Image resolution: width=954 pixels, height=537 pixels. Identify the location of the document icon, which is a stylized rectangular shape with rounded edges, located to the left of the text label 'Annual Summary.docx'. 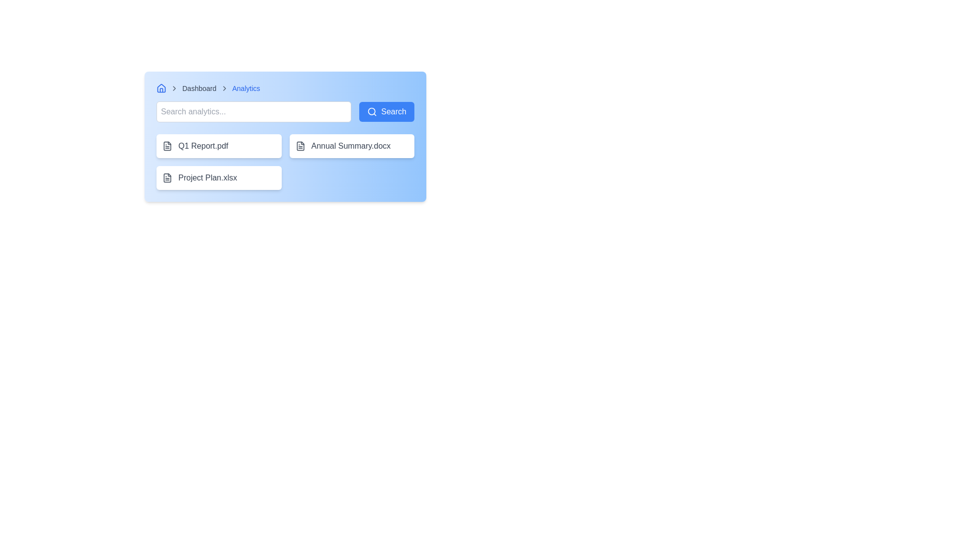
(300, 146).